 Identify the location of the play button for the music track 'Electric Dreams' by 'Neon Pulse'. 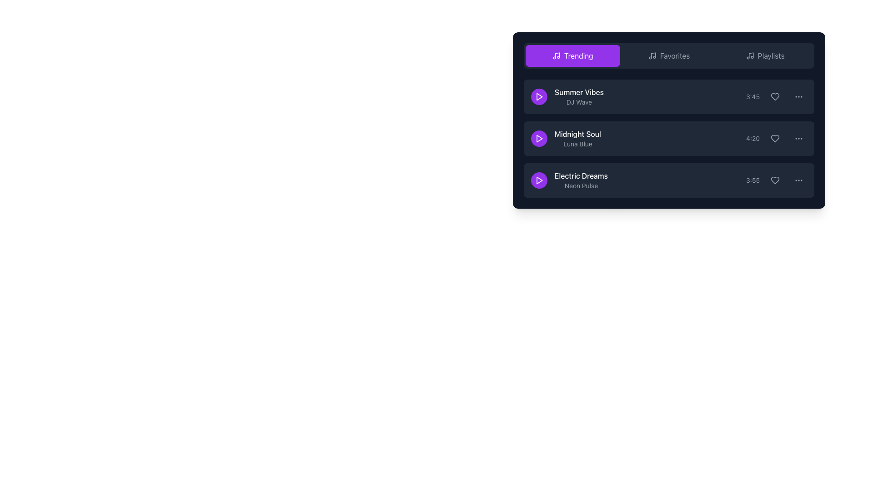
(539, 180).